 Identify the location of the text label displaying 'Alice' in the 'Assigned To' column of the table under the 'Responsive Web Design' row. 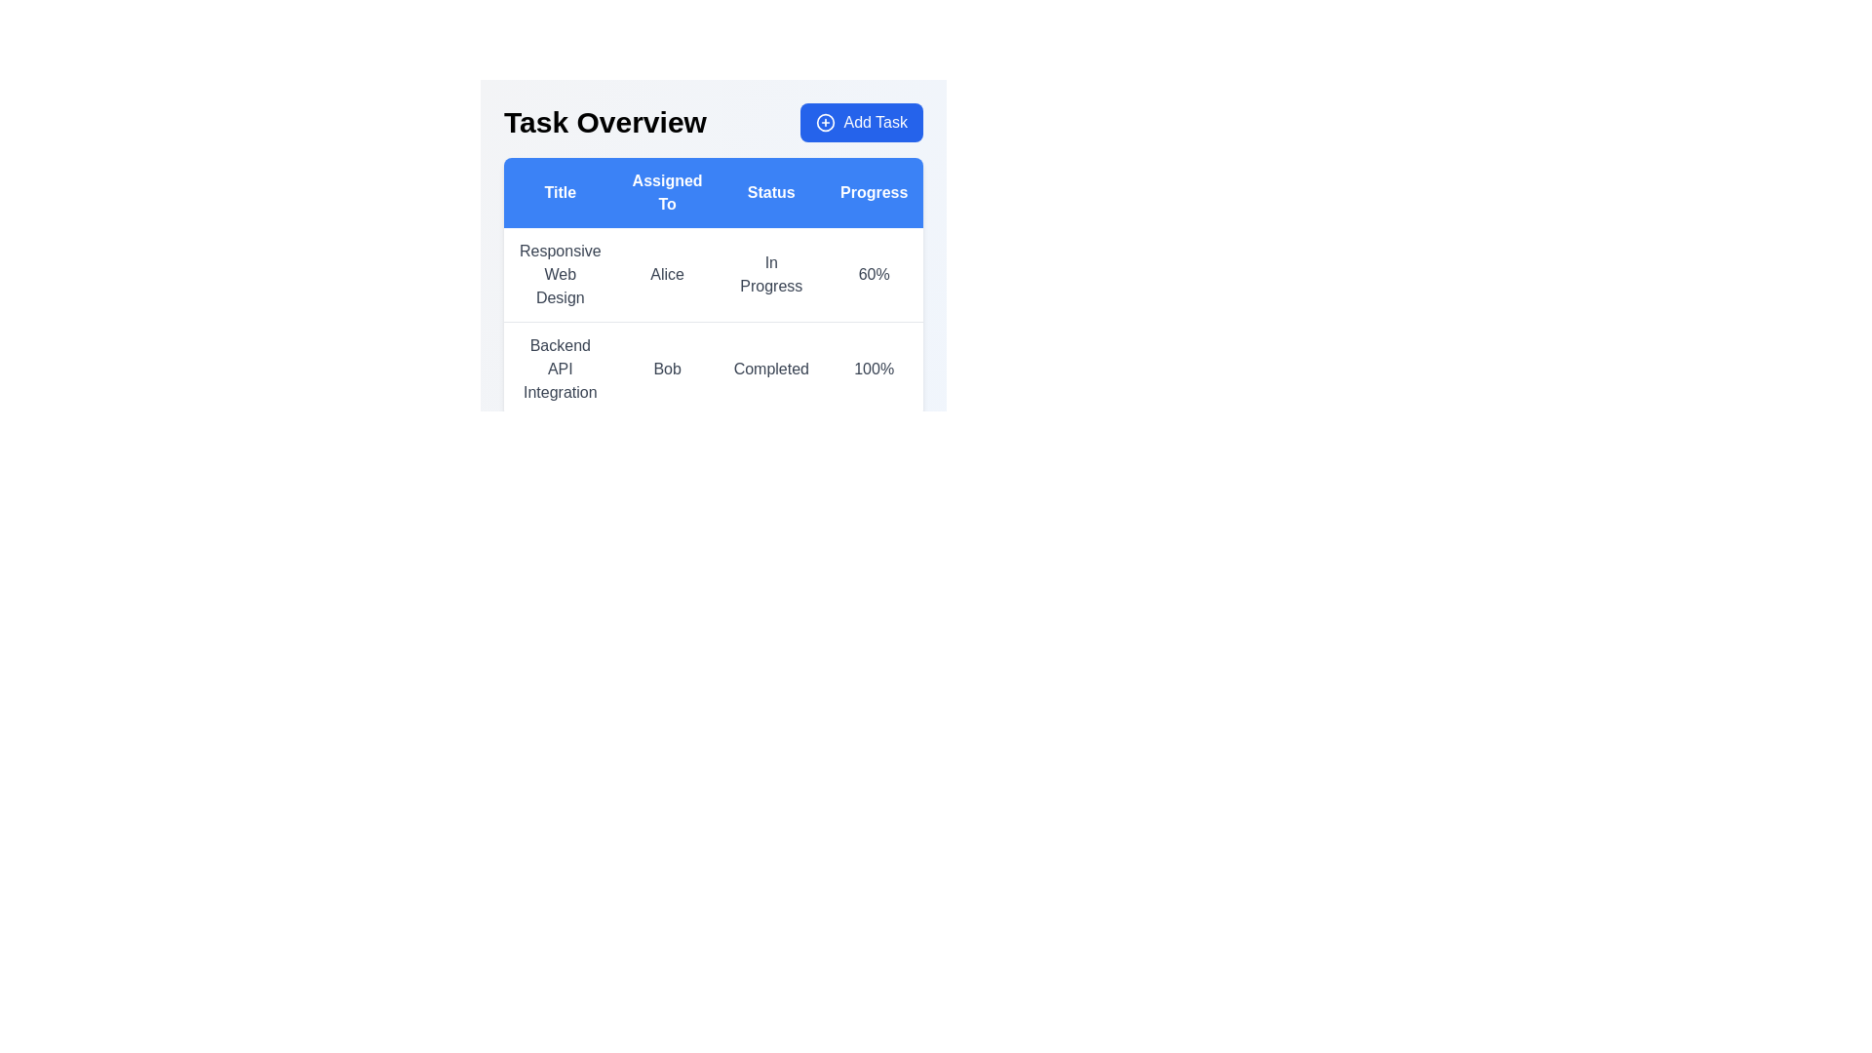
(667, 275).